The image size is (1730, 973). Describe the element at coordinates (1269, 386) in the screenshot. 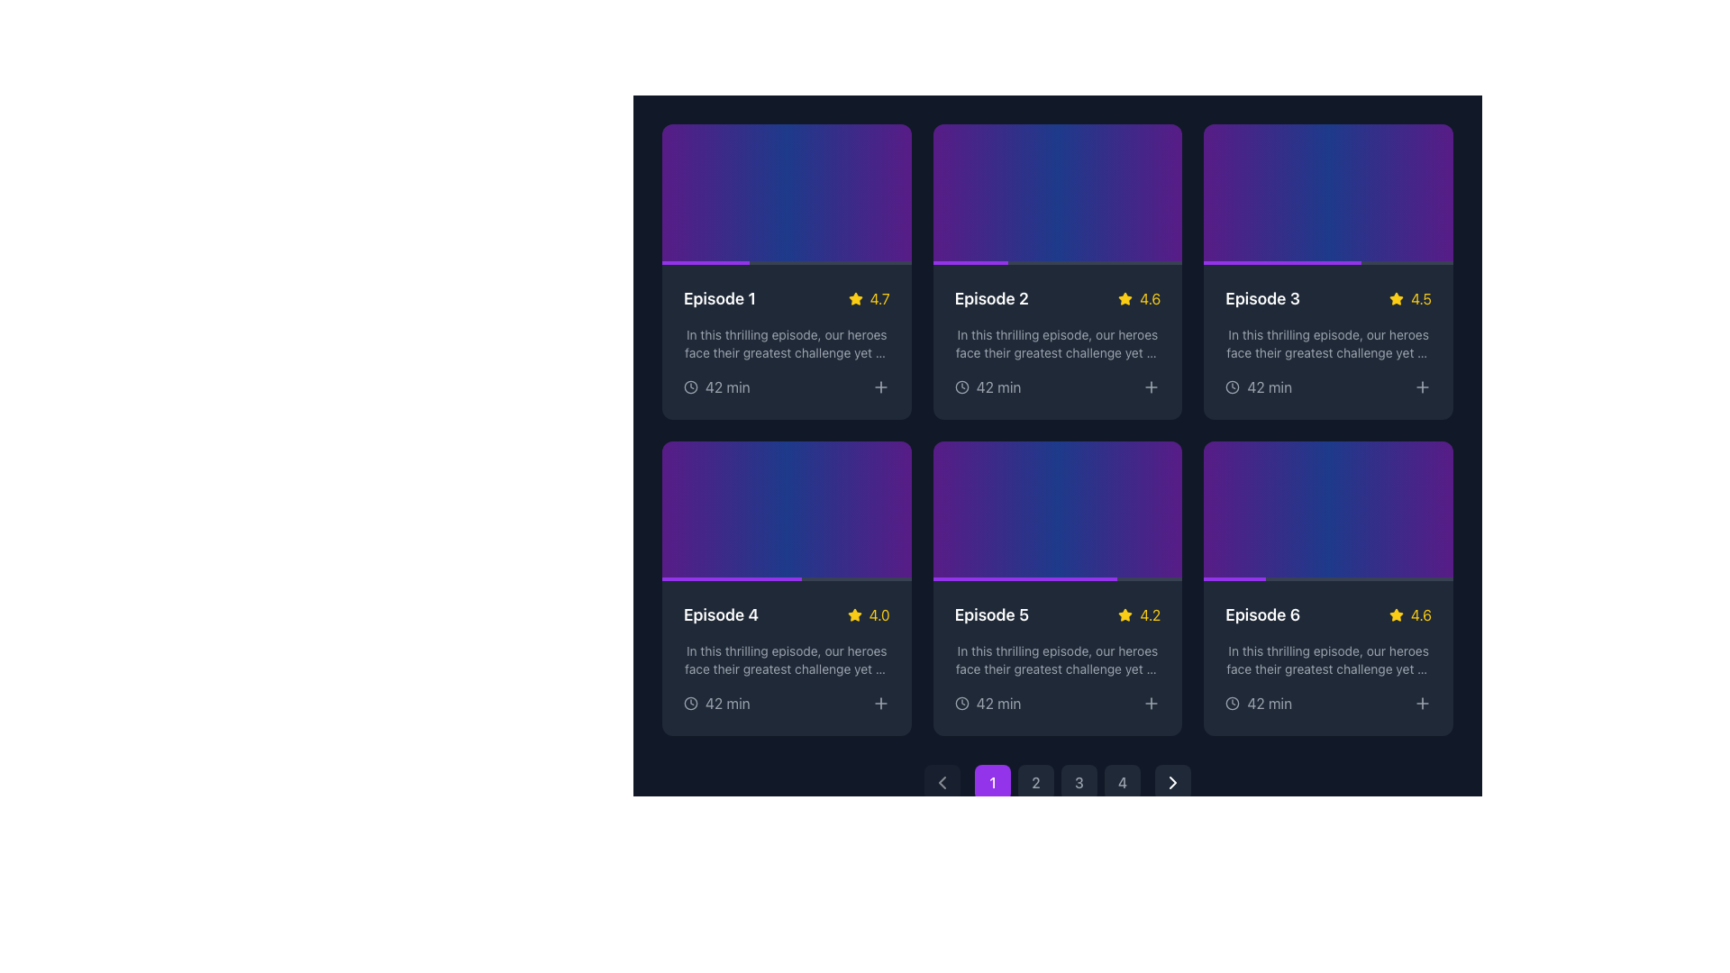

I see `the static text label that indicates the duration of the episode under the 'Episode 3' card in the third column of the 3x2 card grid layout` at that location.